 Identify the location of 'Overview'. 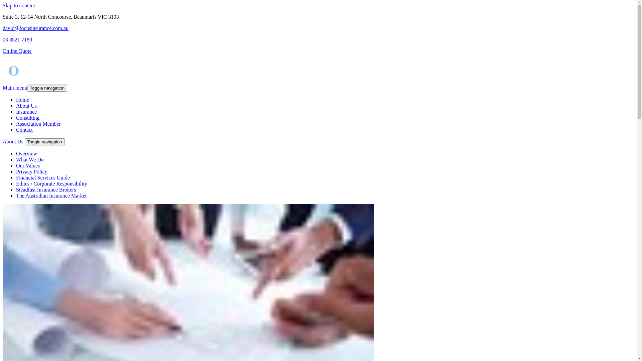
(26, 153).